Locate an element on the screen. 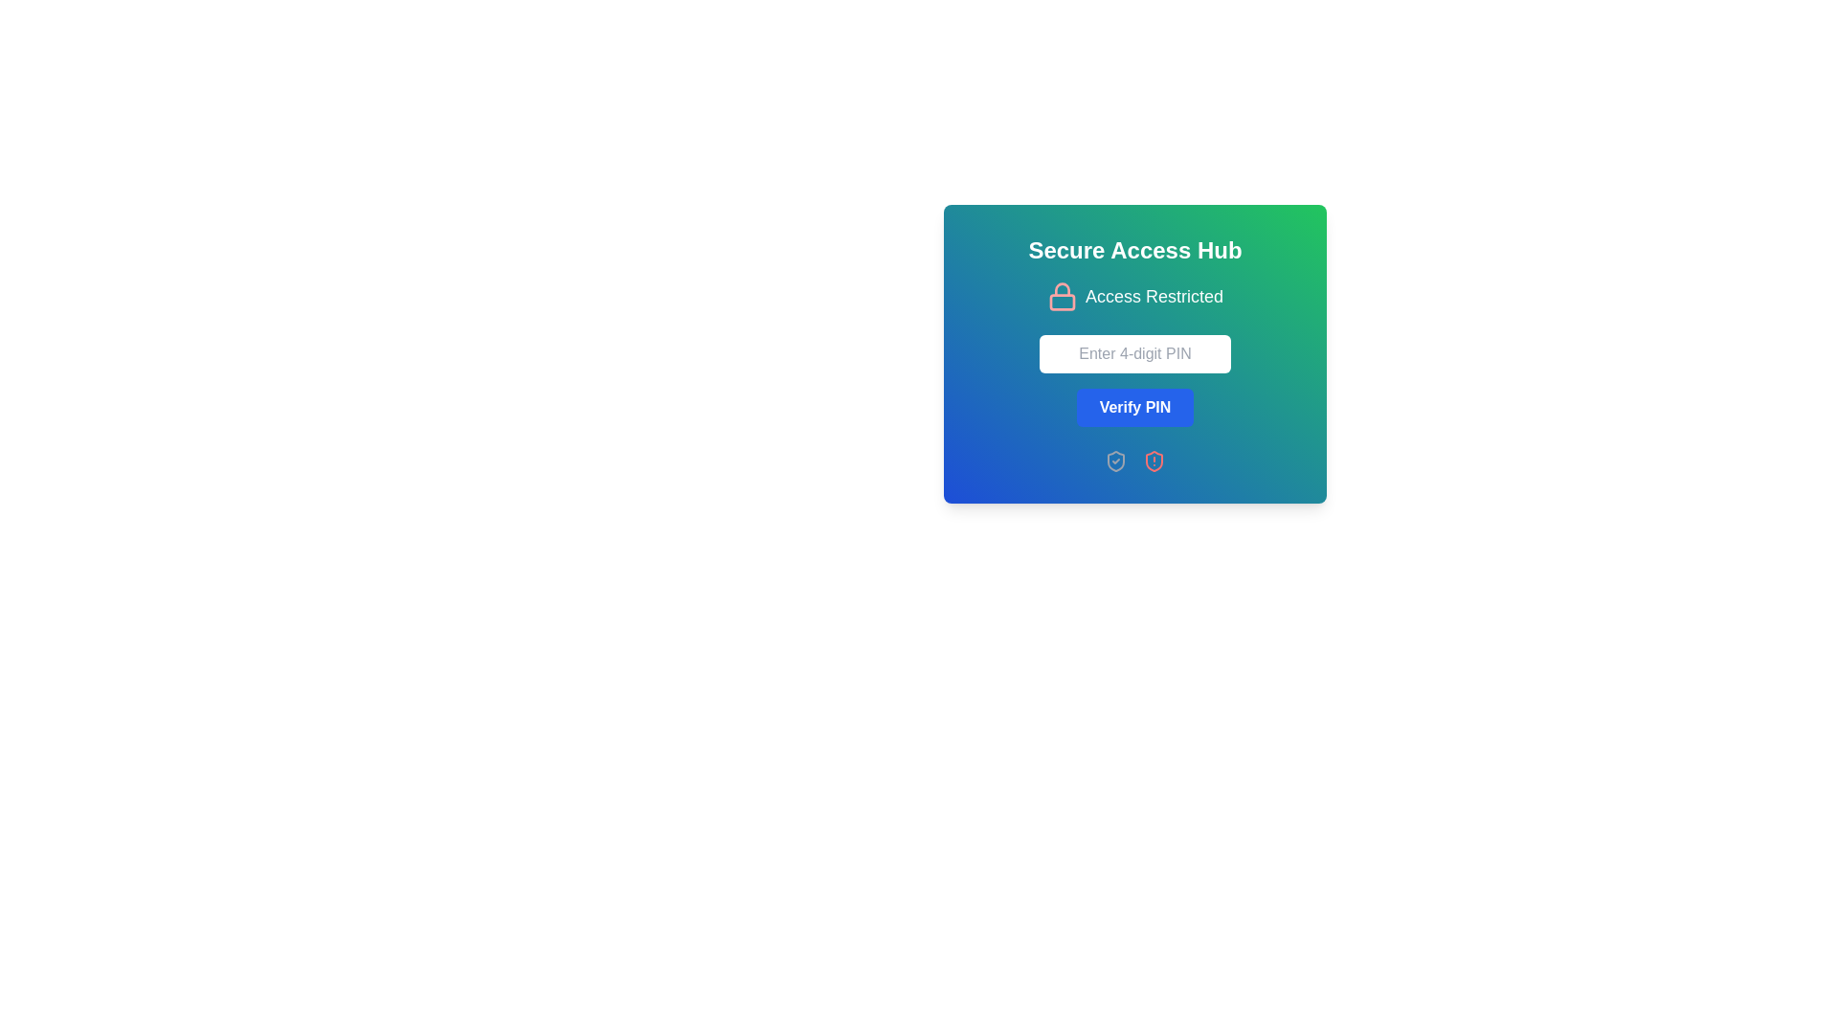 This screenshot has width=1838, height=1034. the Label with icon that indicates restricted access, located within a centered modal component, below the 'Secure Access Hub' title and above the PIN entry field is located at coordinates (1134, 296).